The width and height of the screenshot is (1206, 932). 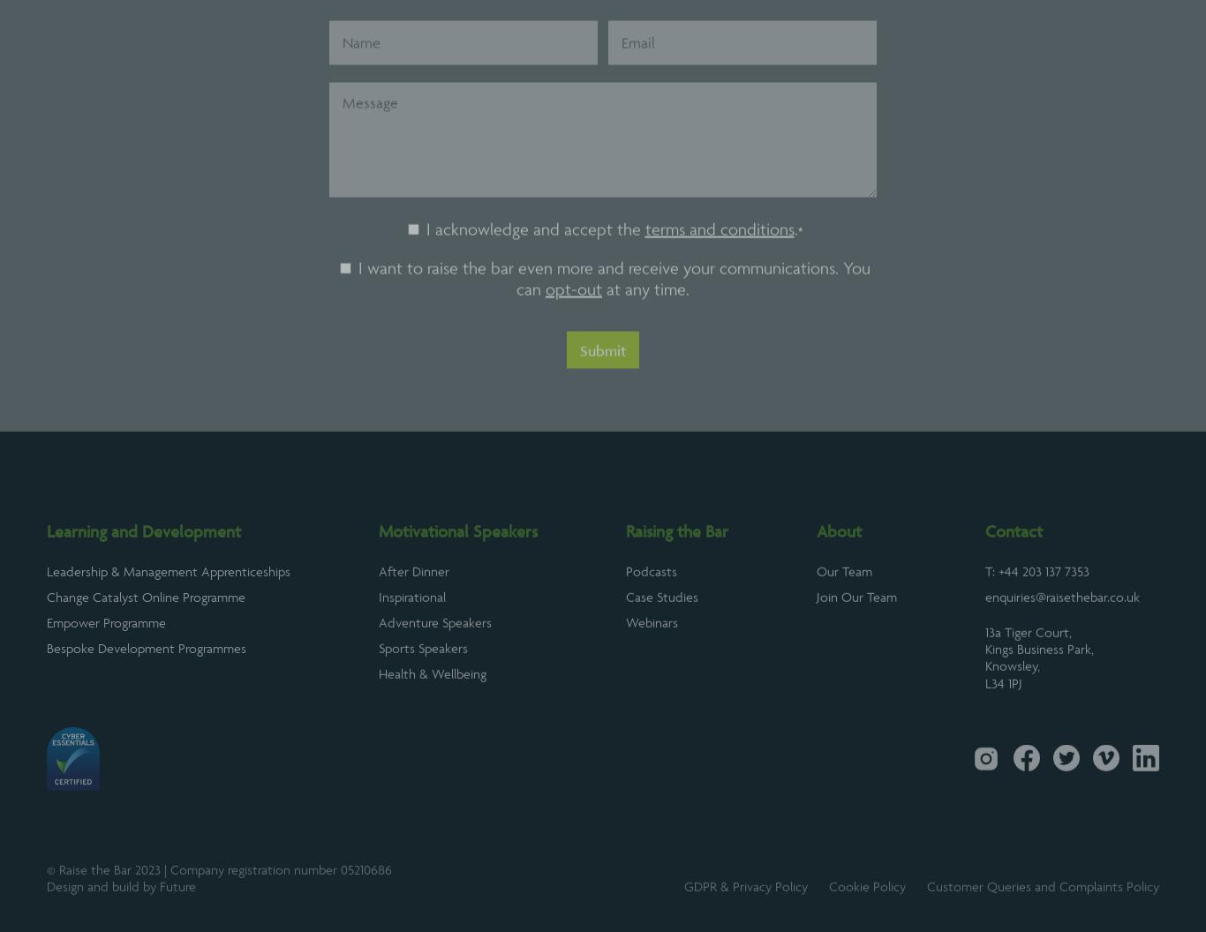 What do you see at coordinates (432, 718) in the screenshot?
I see `'Health & Wellbeing'` at bounding box center [432, 718].